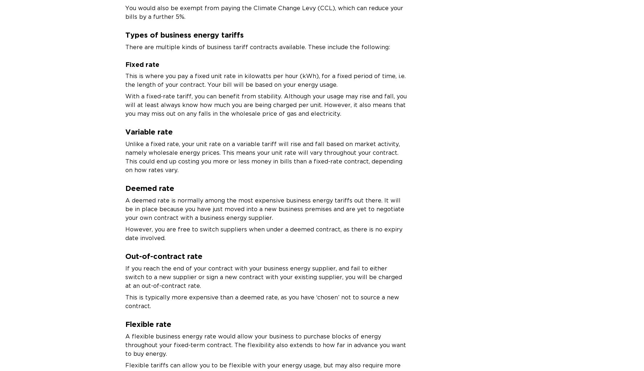  I want to click on 'With a fixed-rate tariff, you can benefit from stability. Although your usage may rise and fall, you will at least always know how much you are being charged per unit. However, it also means that you may miss out on any falls in the wholesale price of gas and electricity.', so click(265, 104).